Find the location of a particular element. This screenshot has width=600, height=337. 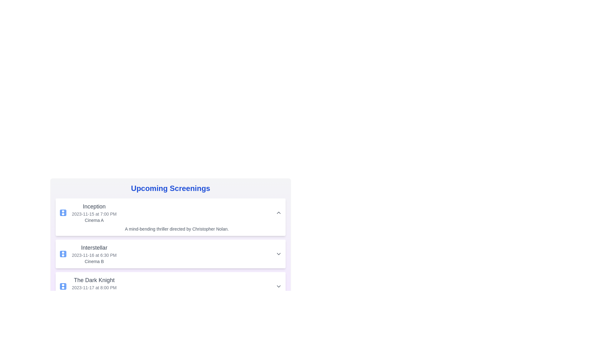

the static text label displaying '2023-11-16 at 6:30 PM', which is positioned below the movie title 'Interstellar' in the list of movie screenings is located at coordinates (94, 255).